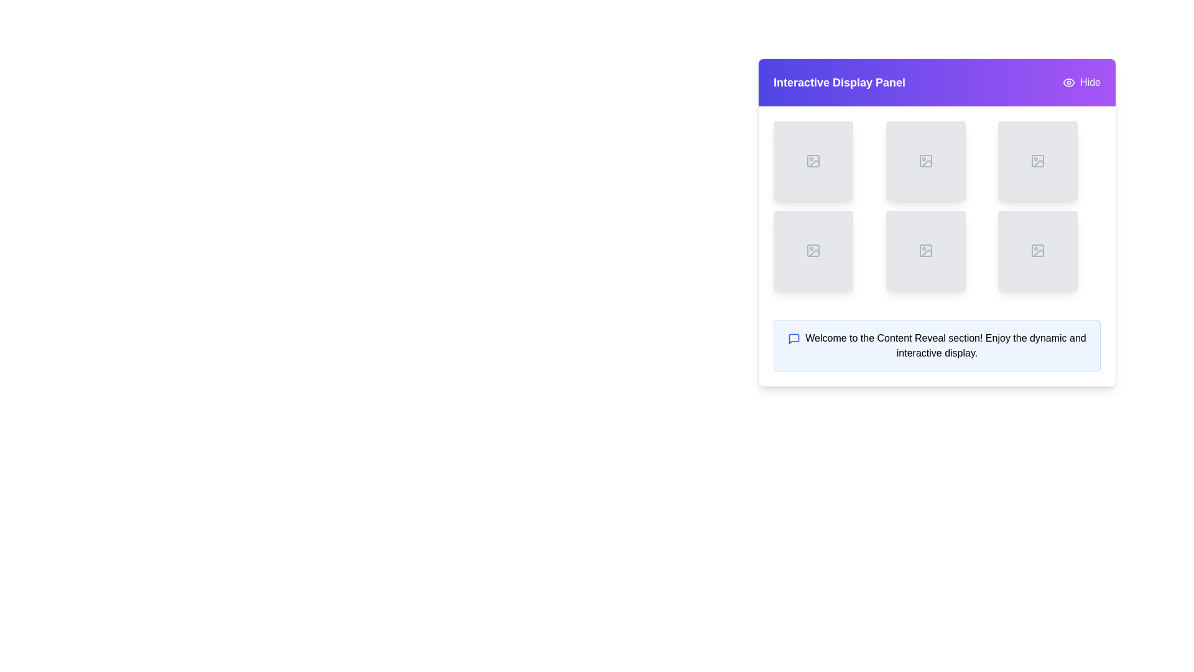 This screenshot has height=672, width=1194. Describe the element at coordinates (794, 338) in the screenshot. I see `the blue speech bubble icon with a minimalistic outline, located within the 'Welcome to the Content Reveal section!'` at that location.